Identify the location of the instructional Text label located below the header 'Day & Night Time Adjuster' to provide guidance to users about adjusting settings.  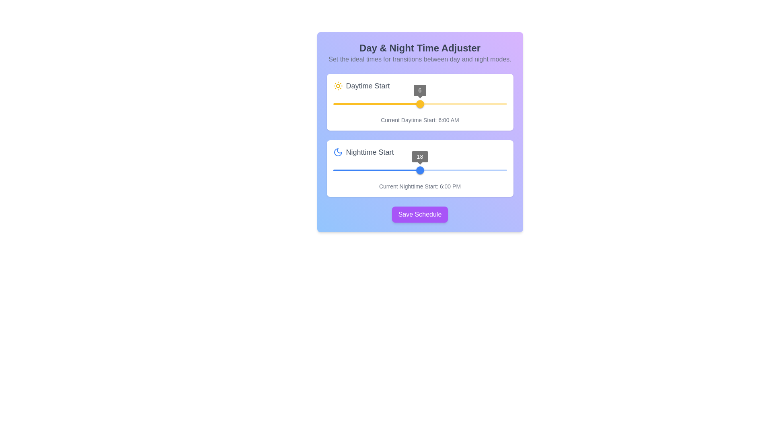
(419, 59).